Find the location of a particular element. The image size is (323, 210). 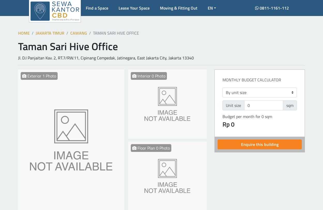

'Cawang' is located at coordinates (79, 33).